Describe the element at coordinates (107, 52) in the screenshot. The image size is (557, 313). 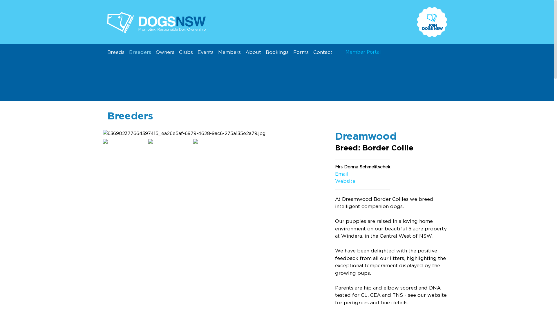
I see `'Breeds'` at that location.